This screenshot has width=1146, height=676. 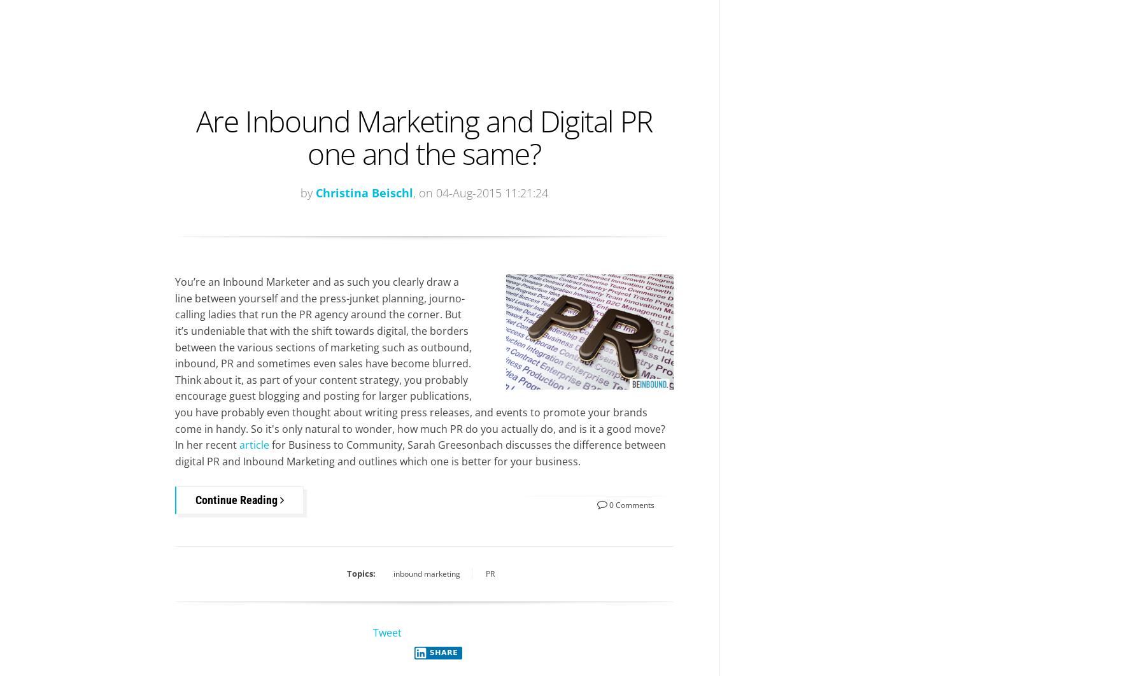 What do you see at coordinates (364, 192) in the screenshot?
I see `'Christina Beischl'` at bounding box center [364, 192].